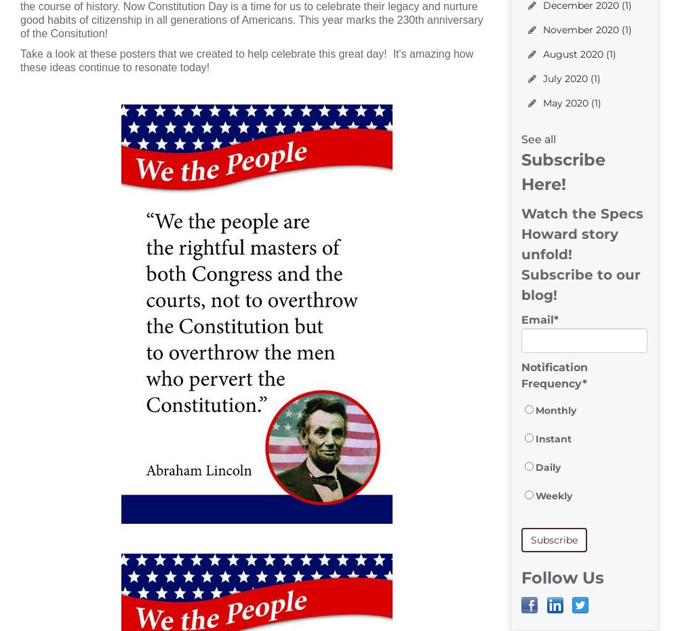 This screenshot has width=678, height=631. I want to click on 'Subscribe Here!', so click(563, 172).